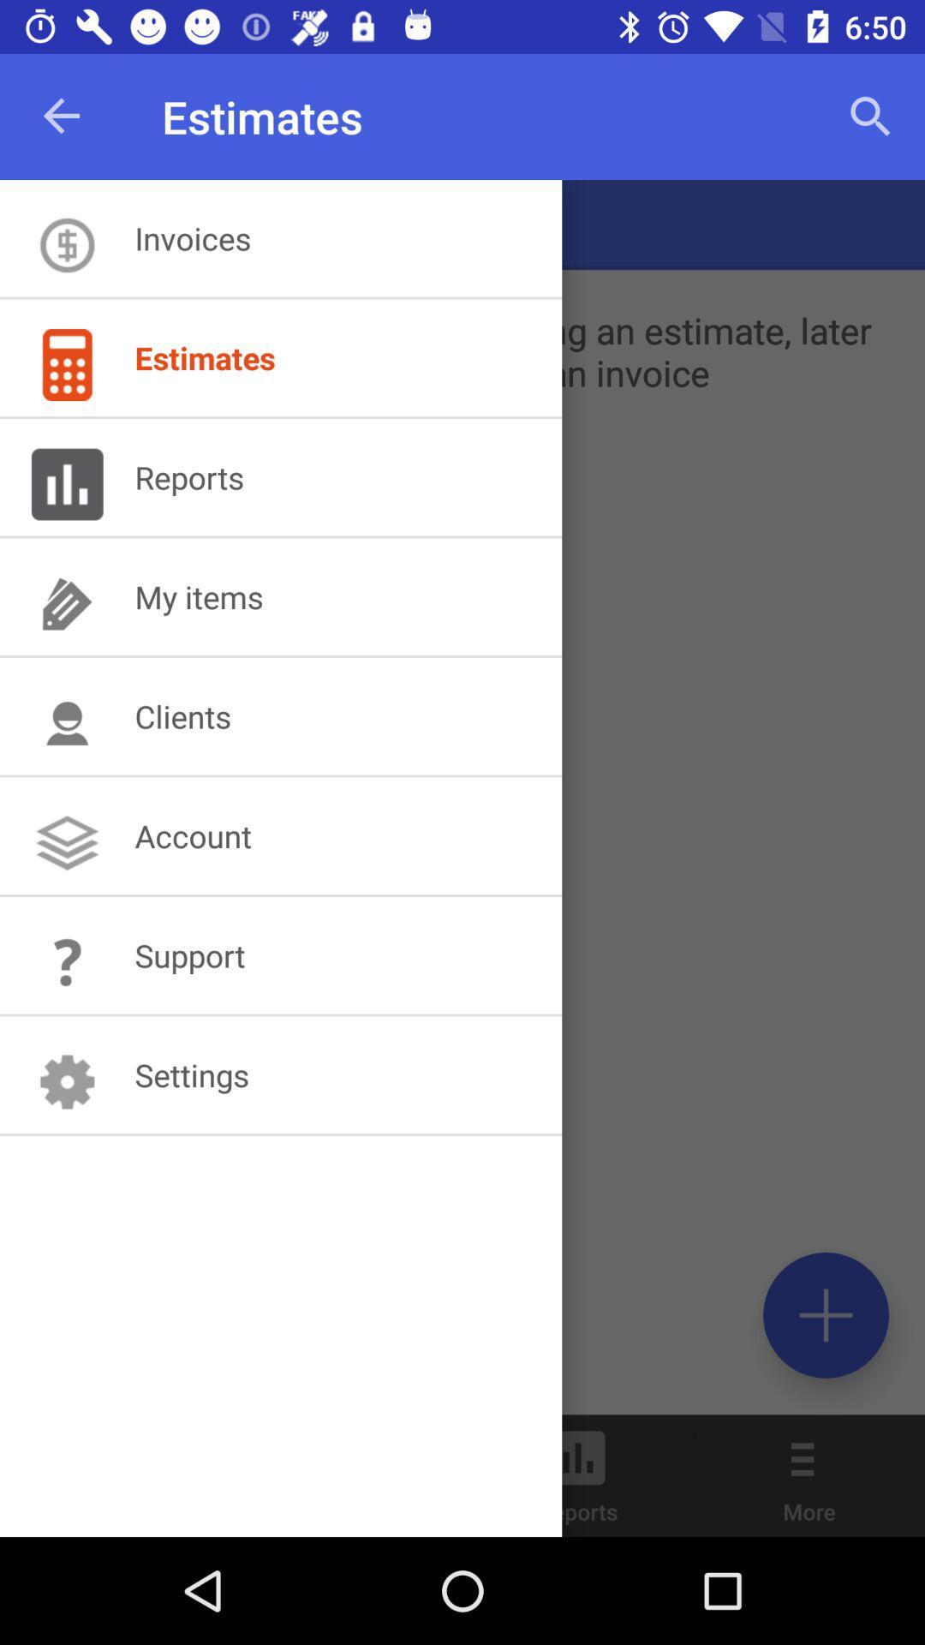 This screenshot has width=925, height=1645. Describe the element at coordinates (825, 1314) in the screenshot. I see `the add icon` at that location.